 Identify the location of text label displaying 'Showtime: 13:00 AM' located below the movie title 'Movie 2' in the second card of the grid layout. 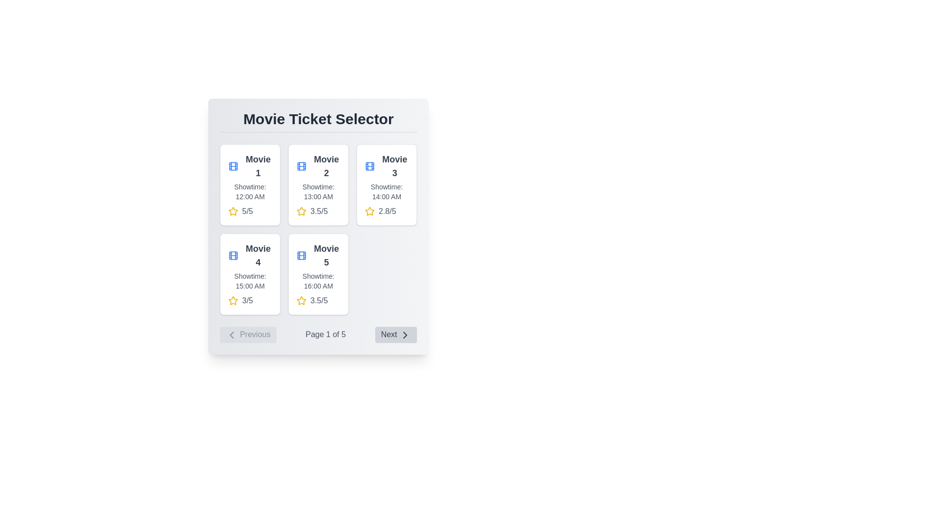
(318, 191).